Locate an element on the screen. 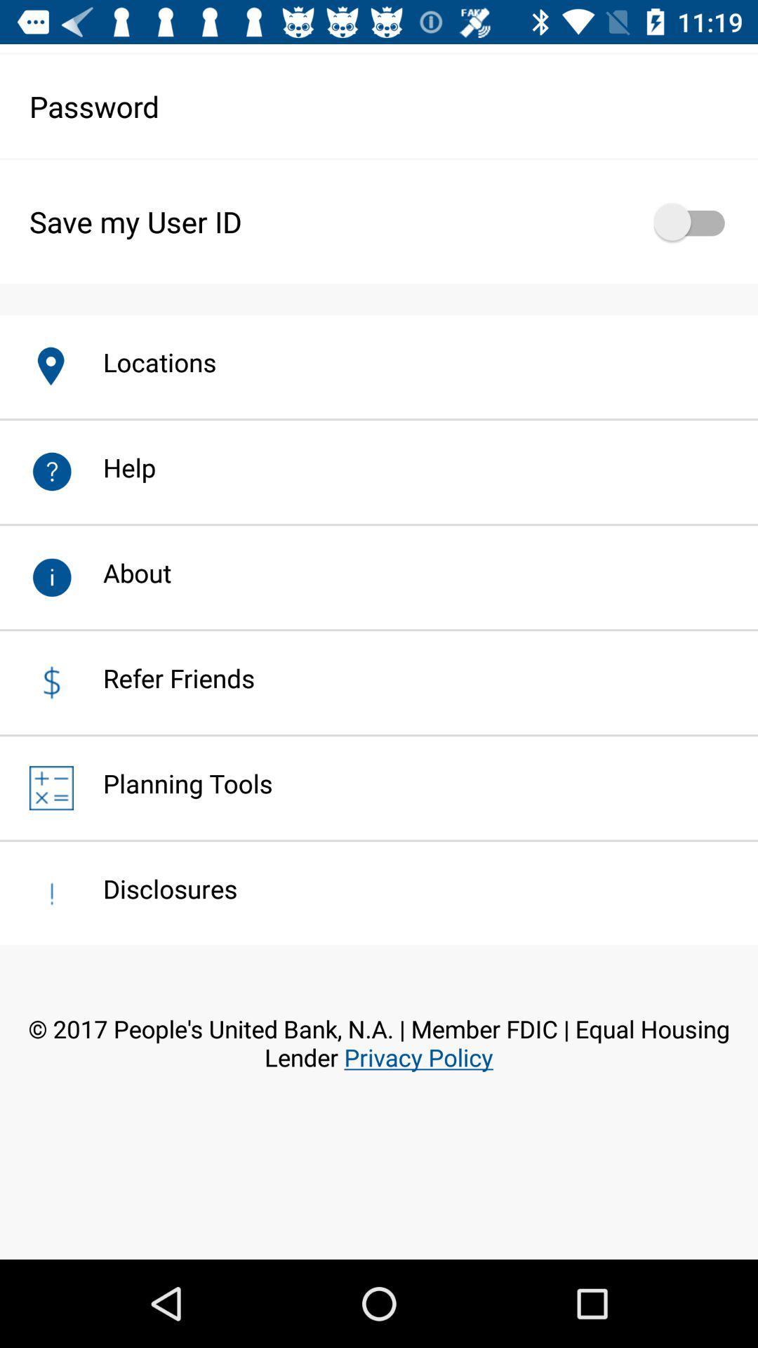  the planning tools app is located at coordinates (172, 783).